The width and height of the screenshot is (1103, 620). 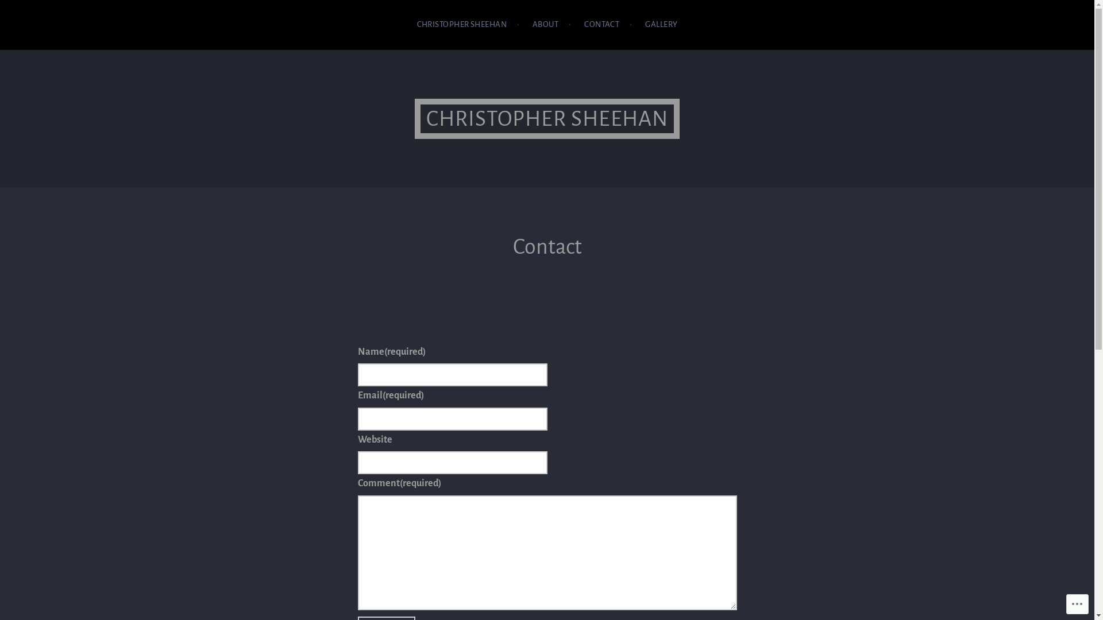 What do you see at coordinates (531, 25) in the screenshot?
I see `'ABOUT'` at bounding box center [531, 25].